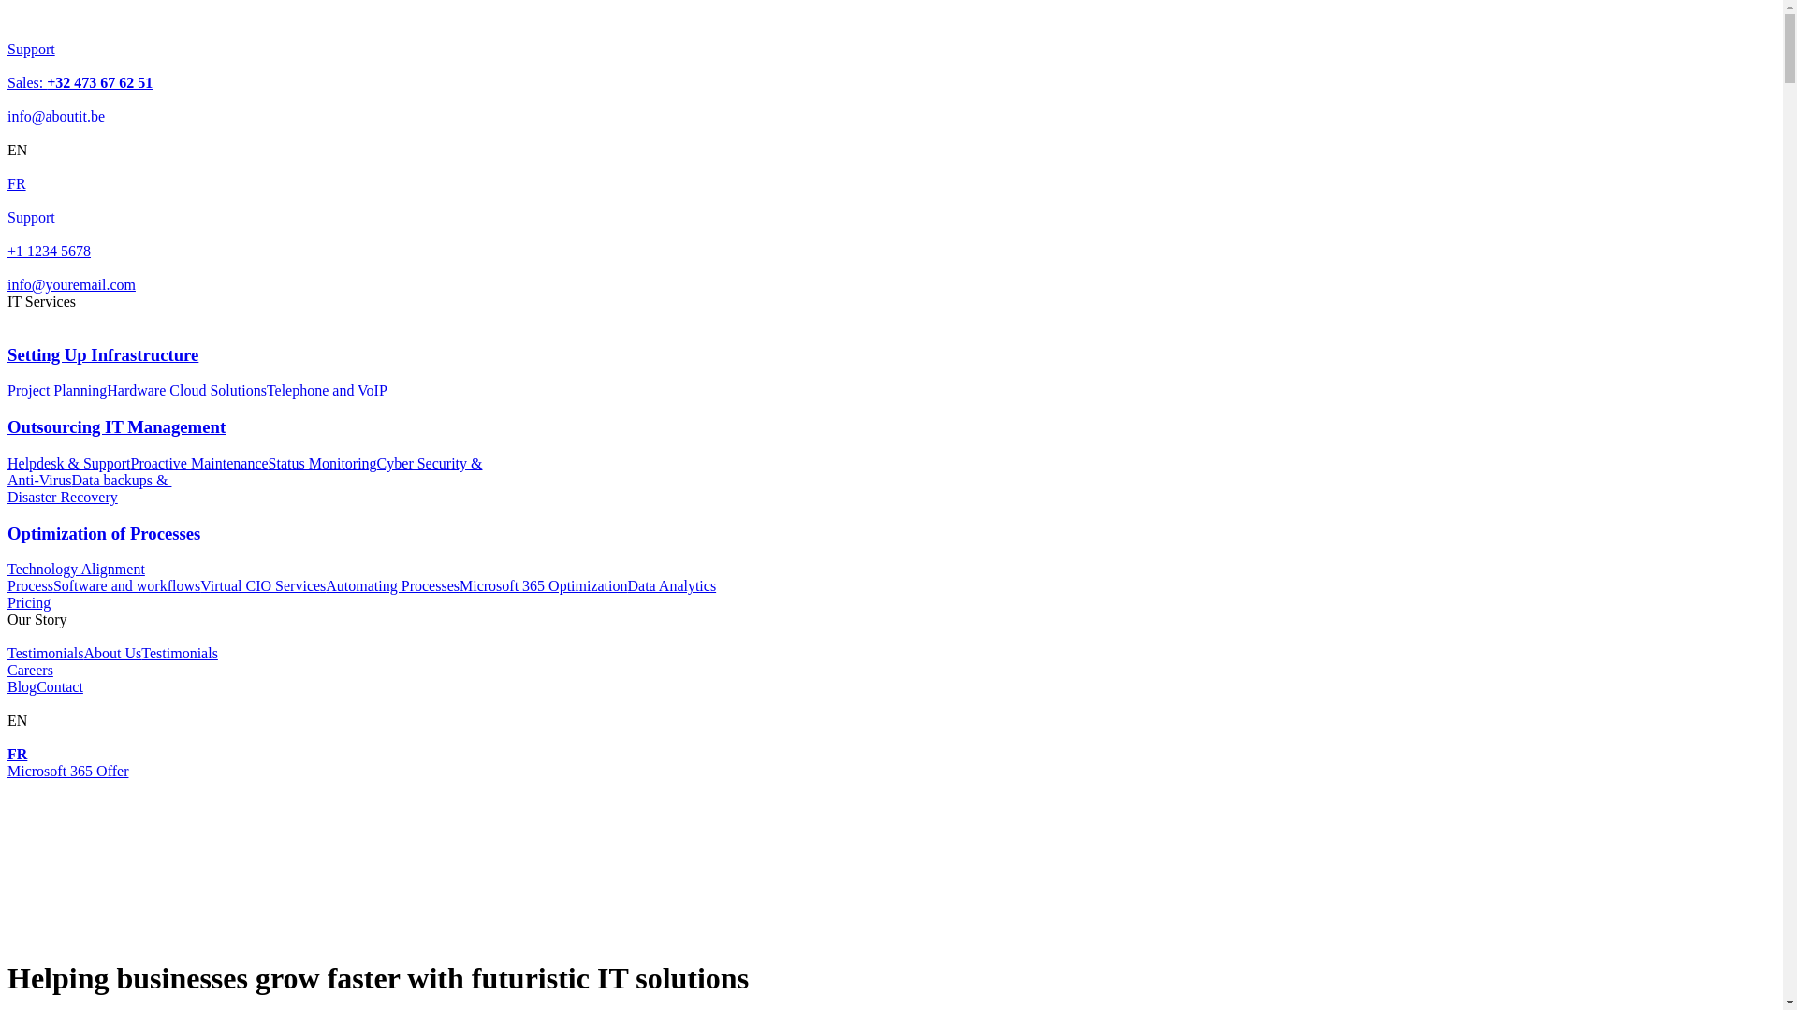 The height and width of the screenshot is (1010, 1797). What do you see at coordinates (125, 584) in the screenshot?
I see `'Software and workflows'` at bounding box center [125, 584].